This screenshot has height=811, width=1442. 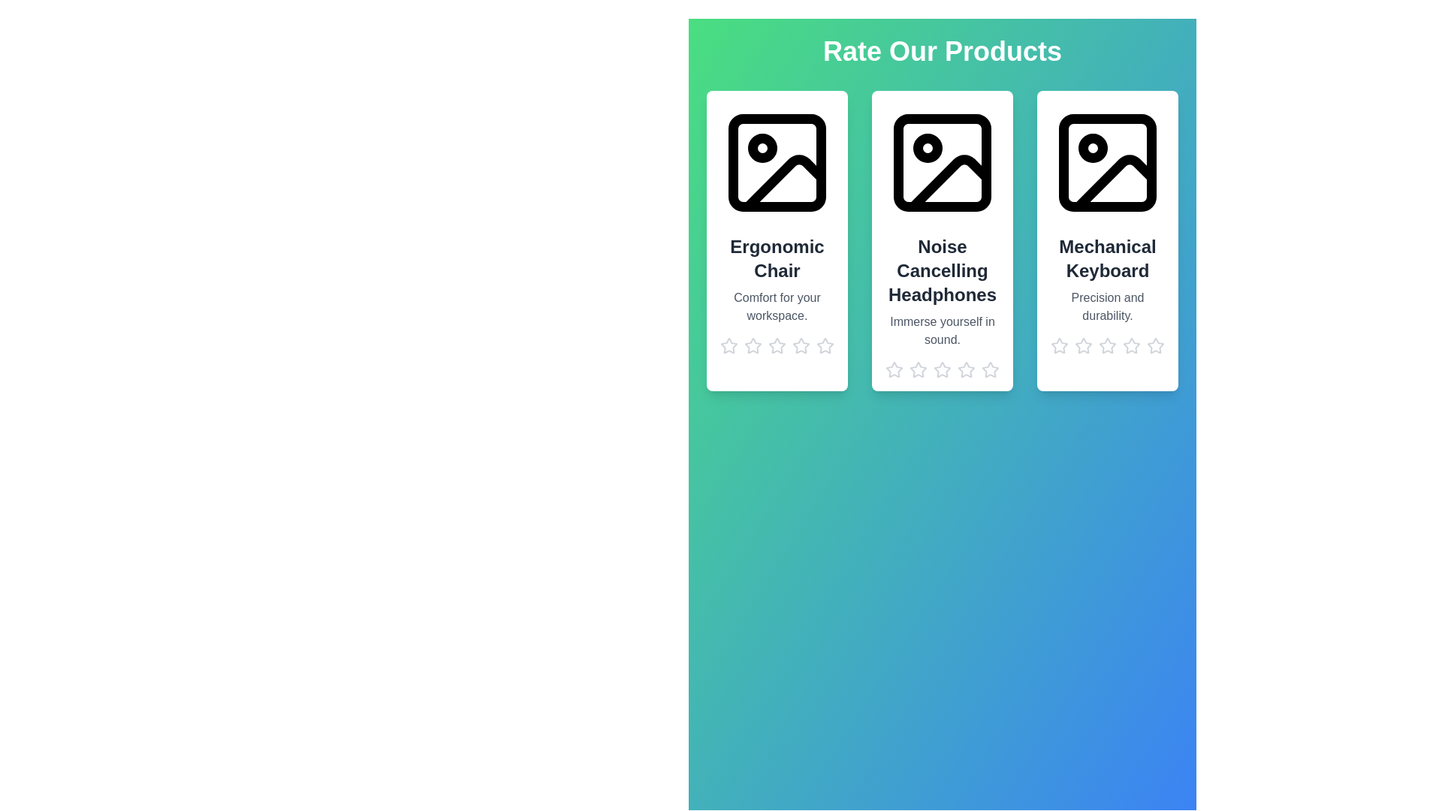 I want to click on the title of the product Noise Cancelling Headphones, so click(x=941, y=271).